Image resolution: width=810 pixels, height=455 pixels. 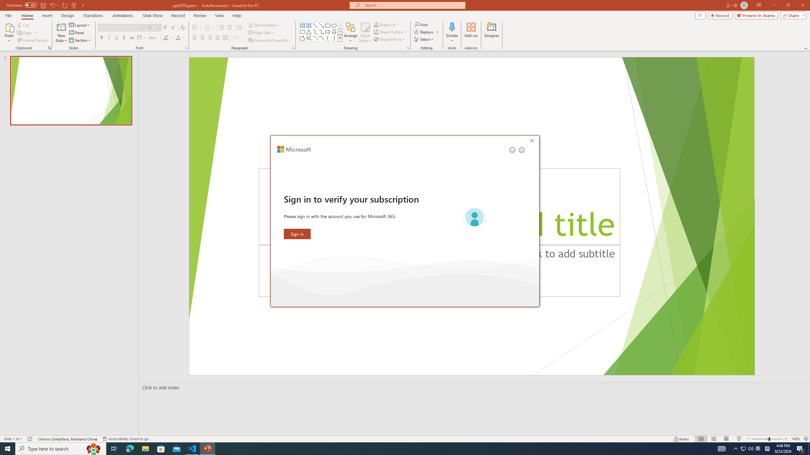 I want to click on 'Align Right', so click(x=210, y=37).